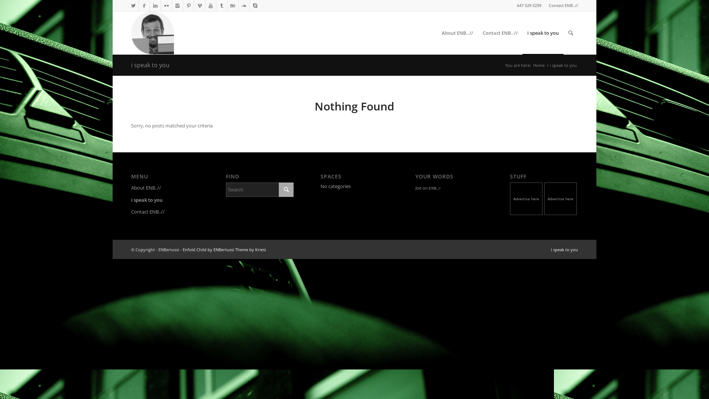  What do you see at coordinates (150, 65) in the screenshot?
I see `'i speak to you'` at bounding box center [150, 65].